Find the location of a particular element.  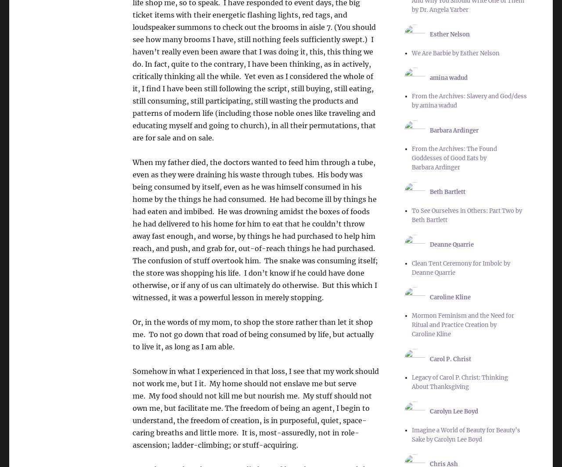

'Mormon Feminism and the Need for Ritual and Practice Creation by Caroline Kline' is located at coordinates (411, 325).